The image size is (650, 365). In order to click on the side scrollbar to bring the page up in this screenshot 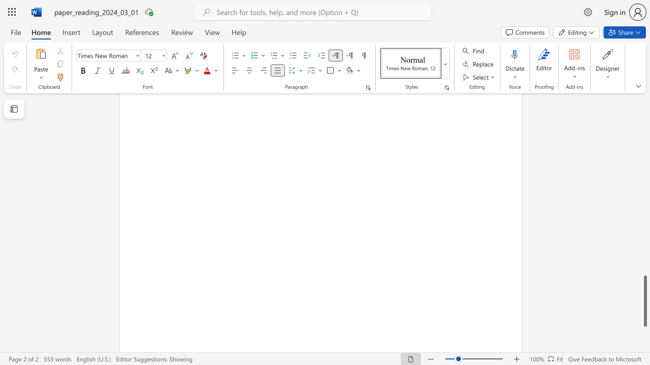, I will do `click(644, 243)`.